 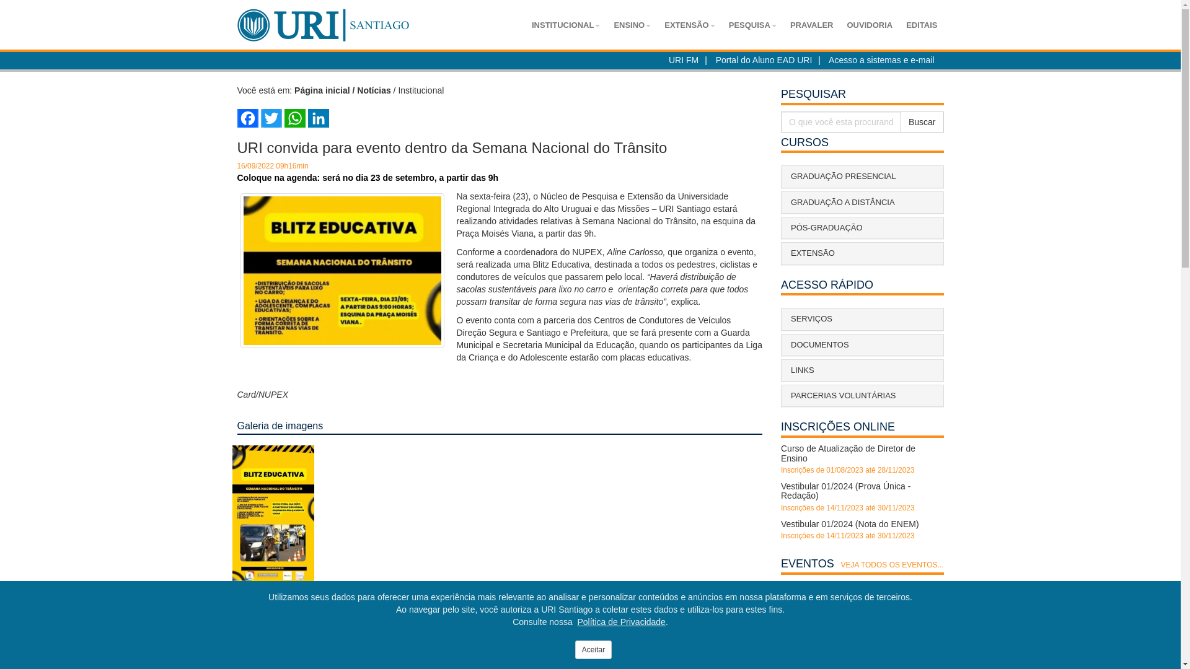 What do you see at coordinates (812, 25) in the screenshot?
I see `'PRAVALER'` at bounding box center [812, 25].